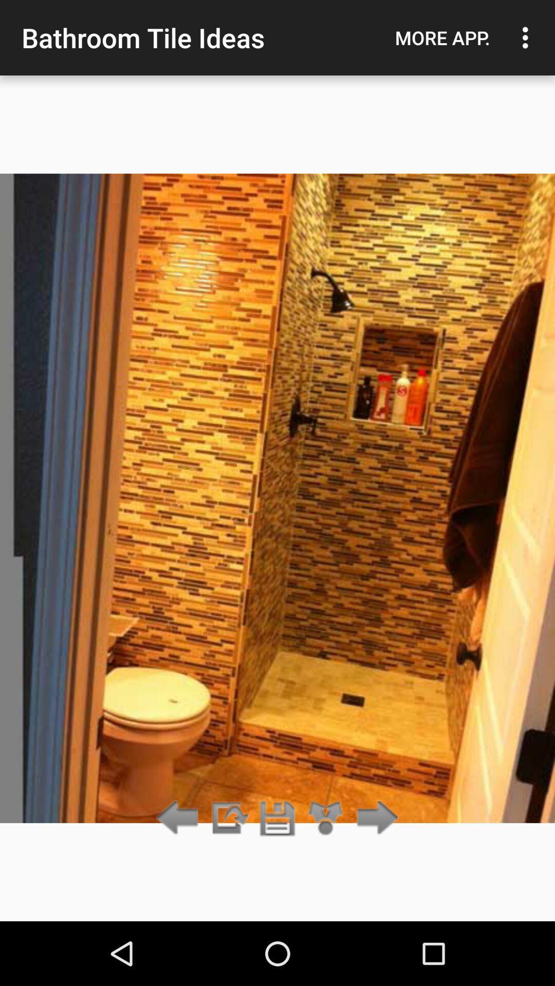 This screenshot has width=555, height=986. I want to click on image, so click(277, 818).